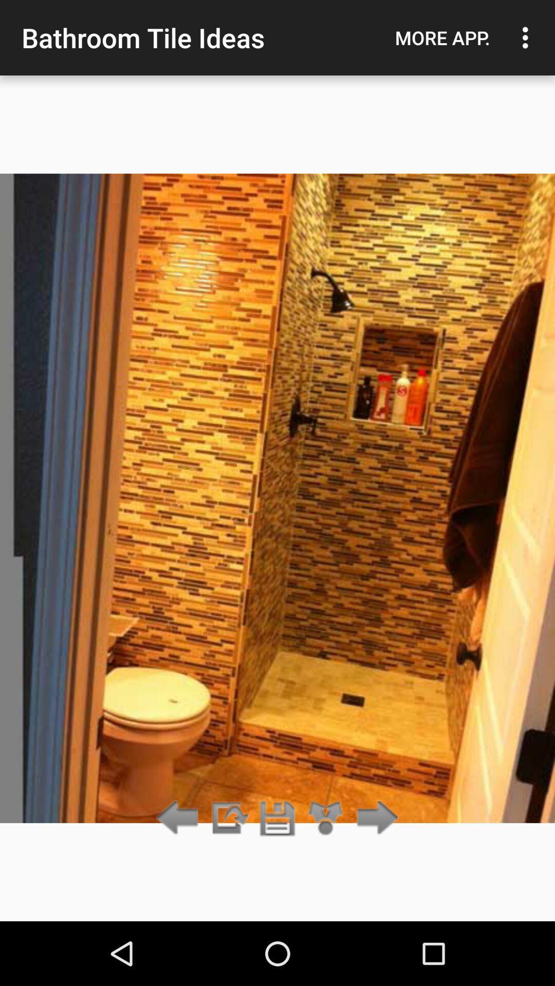 This screenshot has width=555, height=986. I want to click on image, so click(277, 818).